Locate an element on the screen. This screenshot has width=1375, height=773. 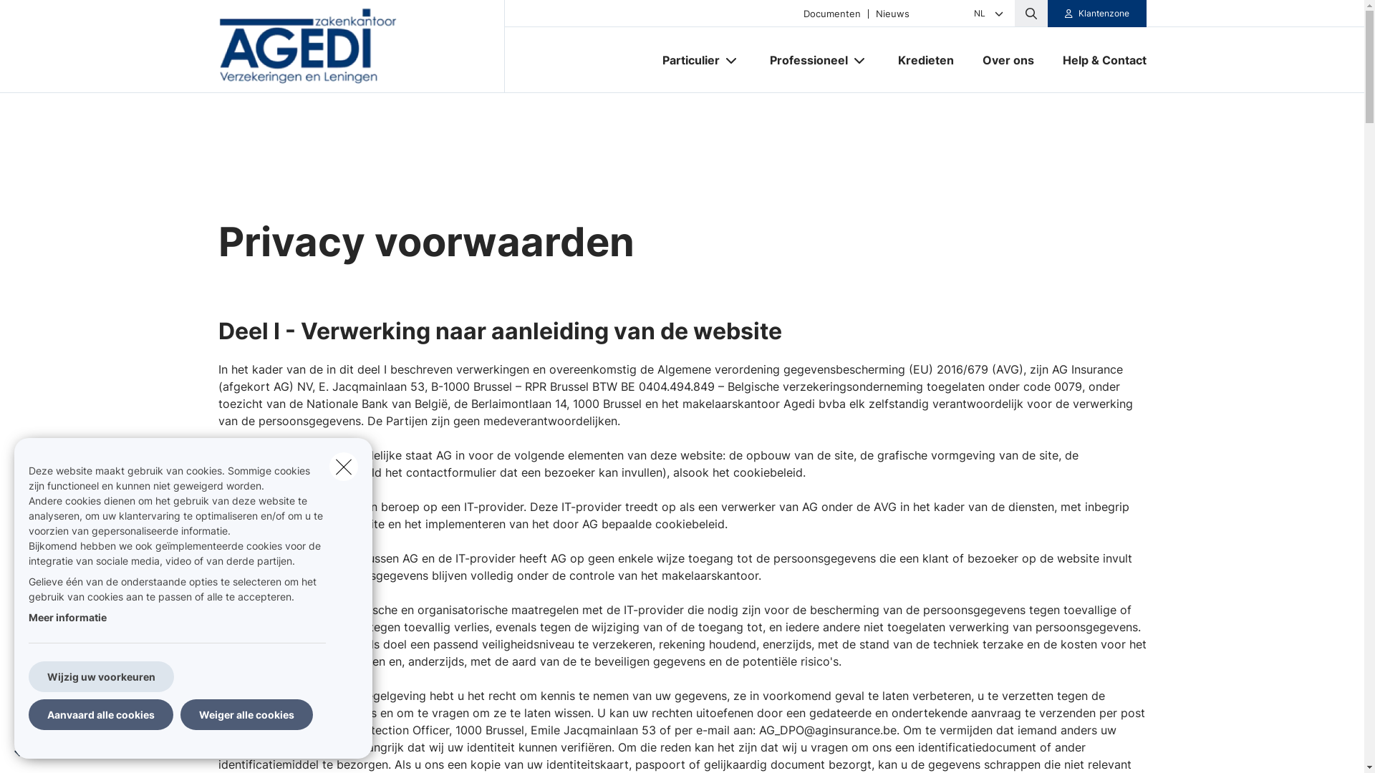
'Over ons' is located at coordinates (1007, 59).